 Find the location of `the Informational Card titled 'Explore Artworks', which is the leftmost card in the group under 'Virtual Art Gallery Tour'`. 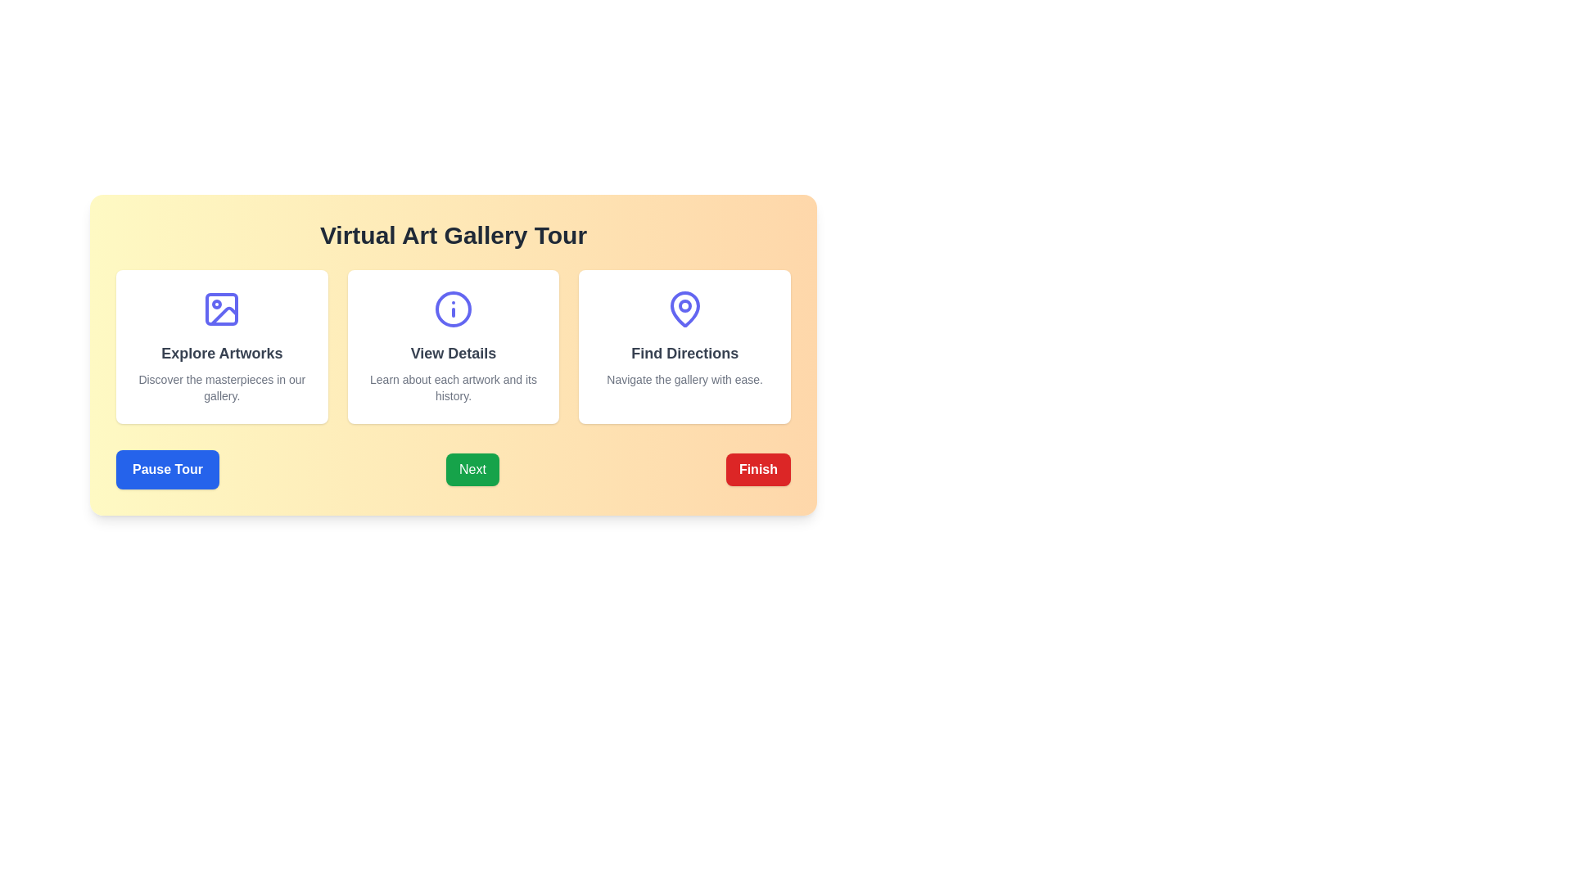

the Informational Card titled 'Explore Artworks', which is the leftmost card in the group under 'Virtual Art Gallery Tour' is located at coordinates (221, 346).